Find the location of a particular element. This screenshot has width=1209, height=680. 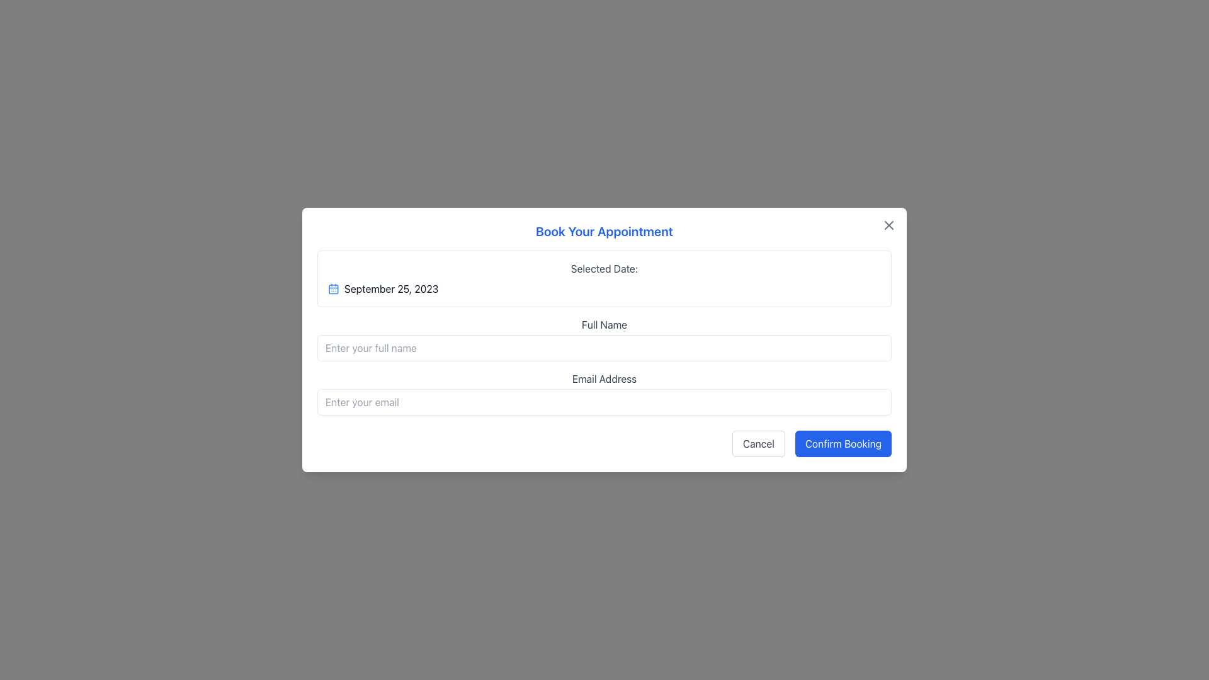

the Close Icon located in the top-right corner of the 'Book Your Appointment' modal is located at coordinates (888, 225).